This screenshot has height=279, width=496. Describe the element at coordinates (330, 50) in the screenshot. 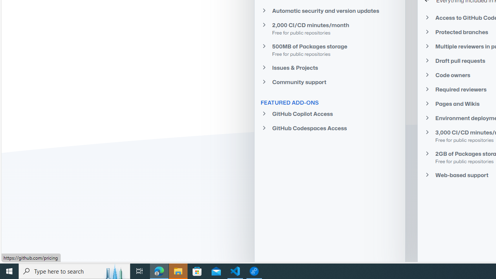

I see `'500MB of Packages storage Free for public repositories'` at that location.